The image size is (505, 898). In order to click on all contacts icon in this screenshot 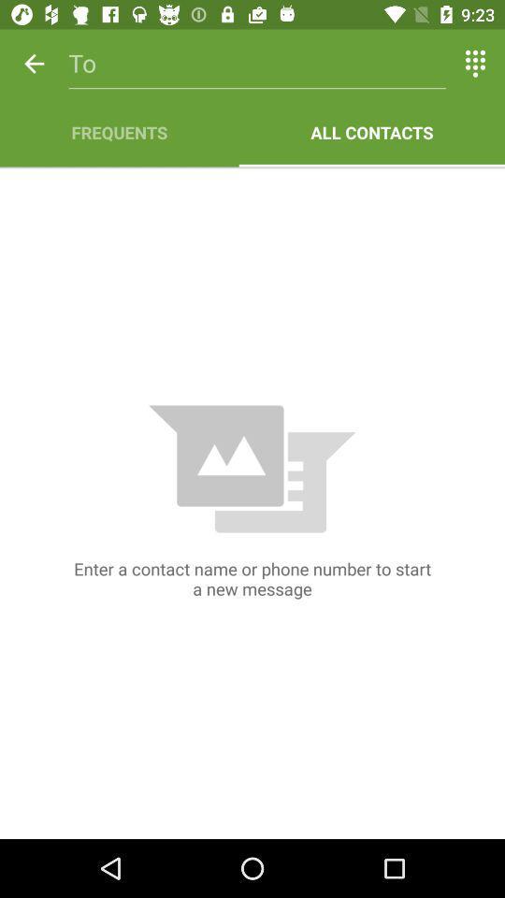, I will do `click(371, 131)`.